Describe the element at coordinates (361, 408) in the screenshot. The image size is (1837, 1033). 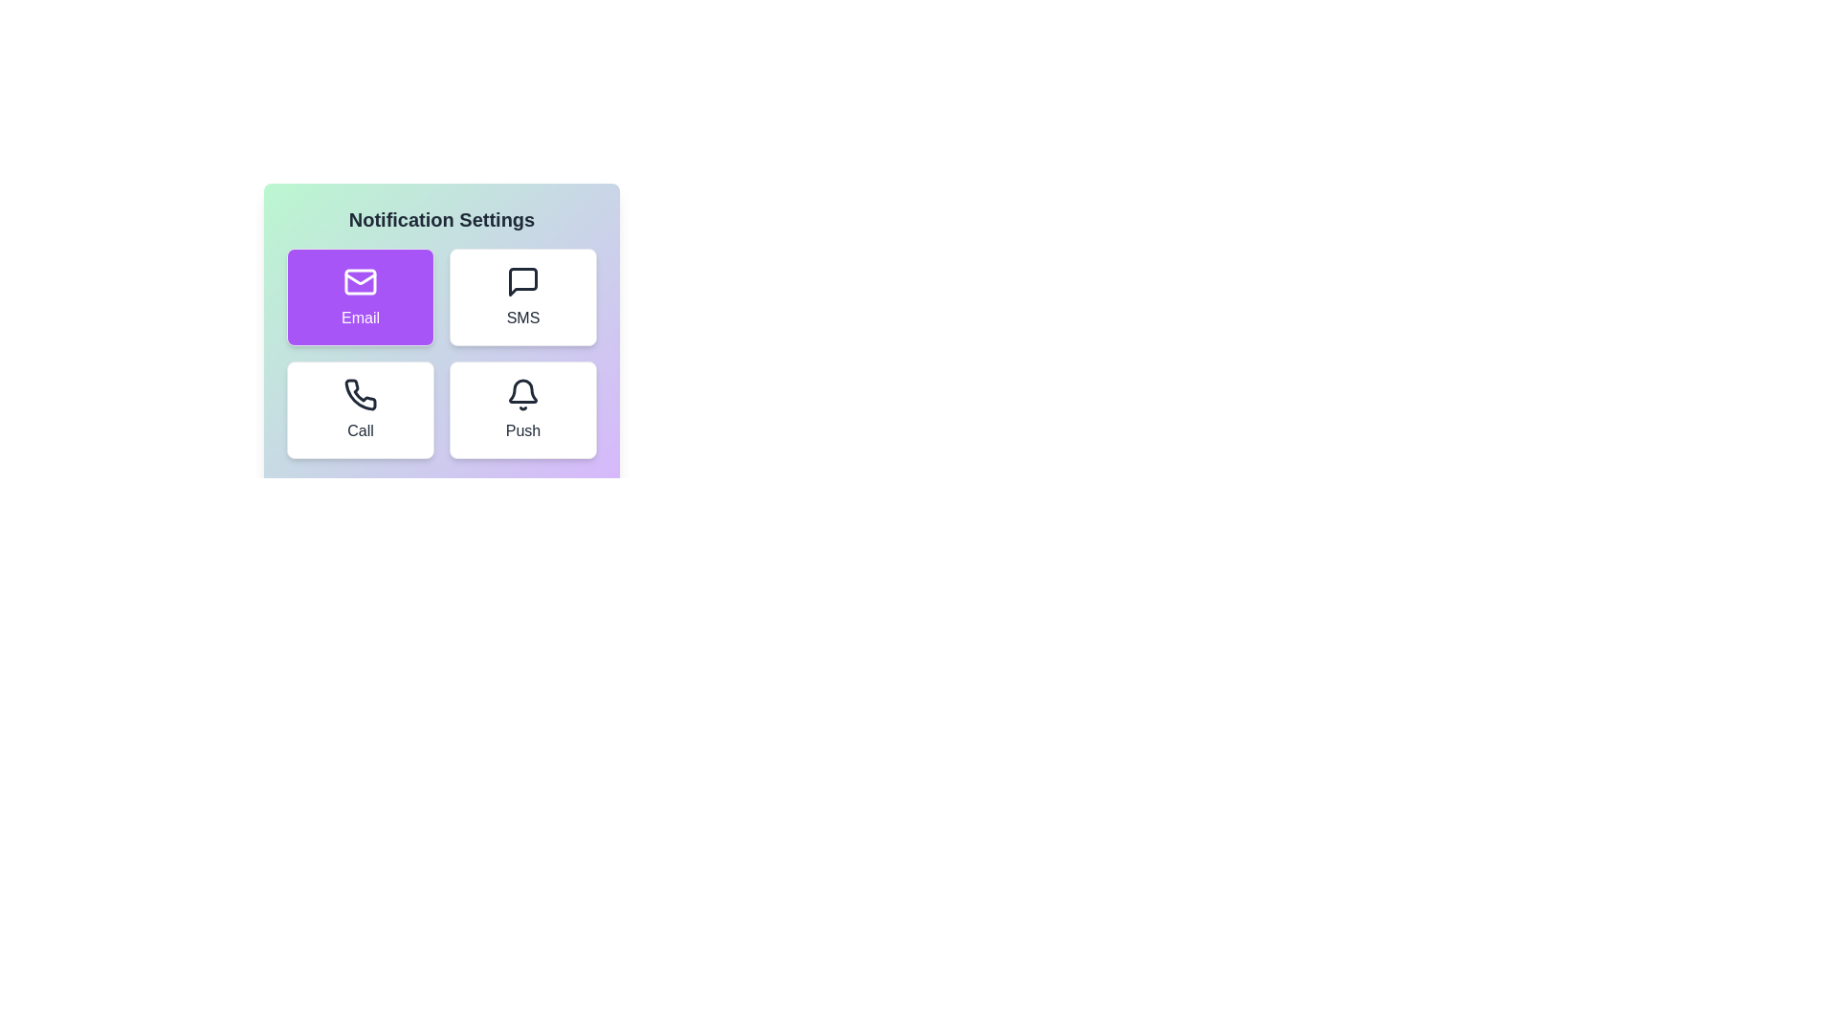
I see `the notification method Call by clicking its corresponding button` at that location.